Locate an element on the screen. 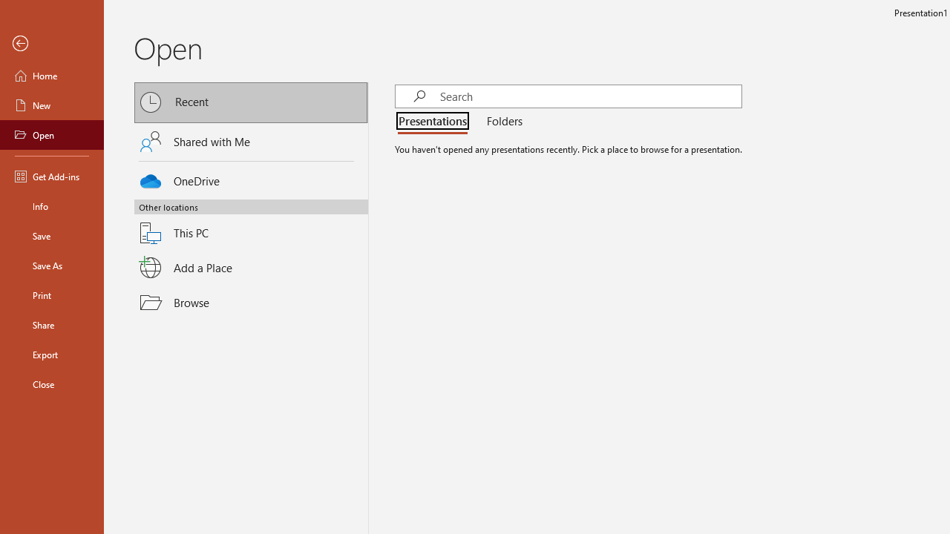 This screenshot has width=950, height=534. 'This PC' is located at coordinates (251, 224).